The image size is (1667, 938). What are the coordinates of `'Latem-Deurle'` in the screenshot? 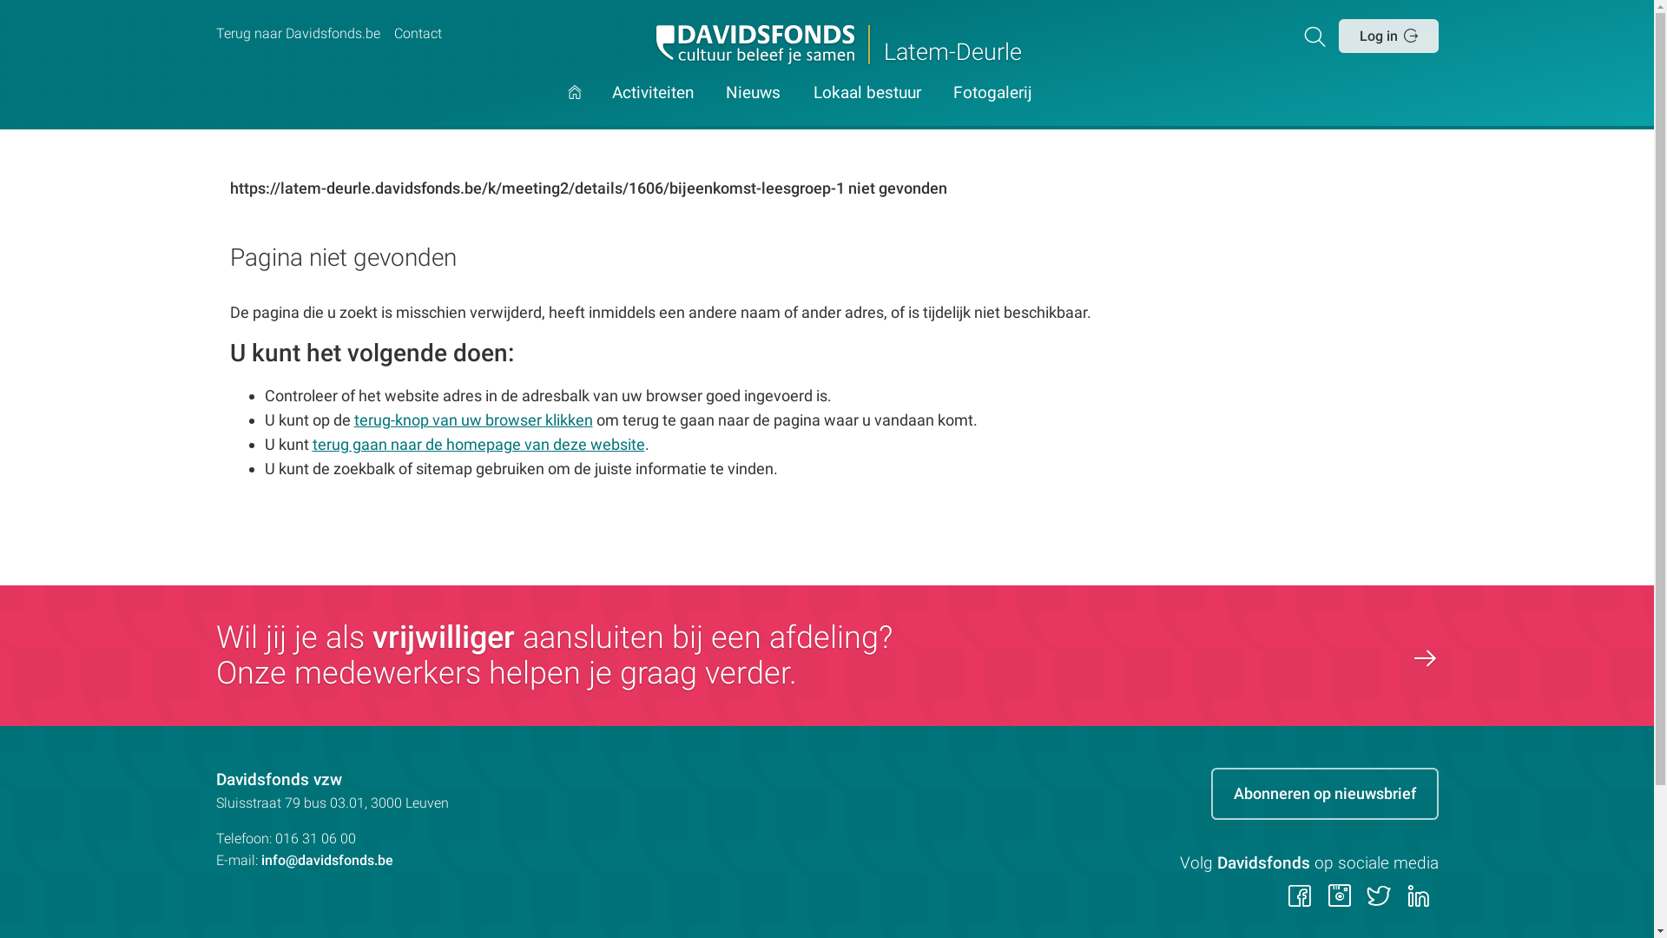 It's located at (825, 43).